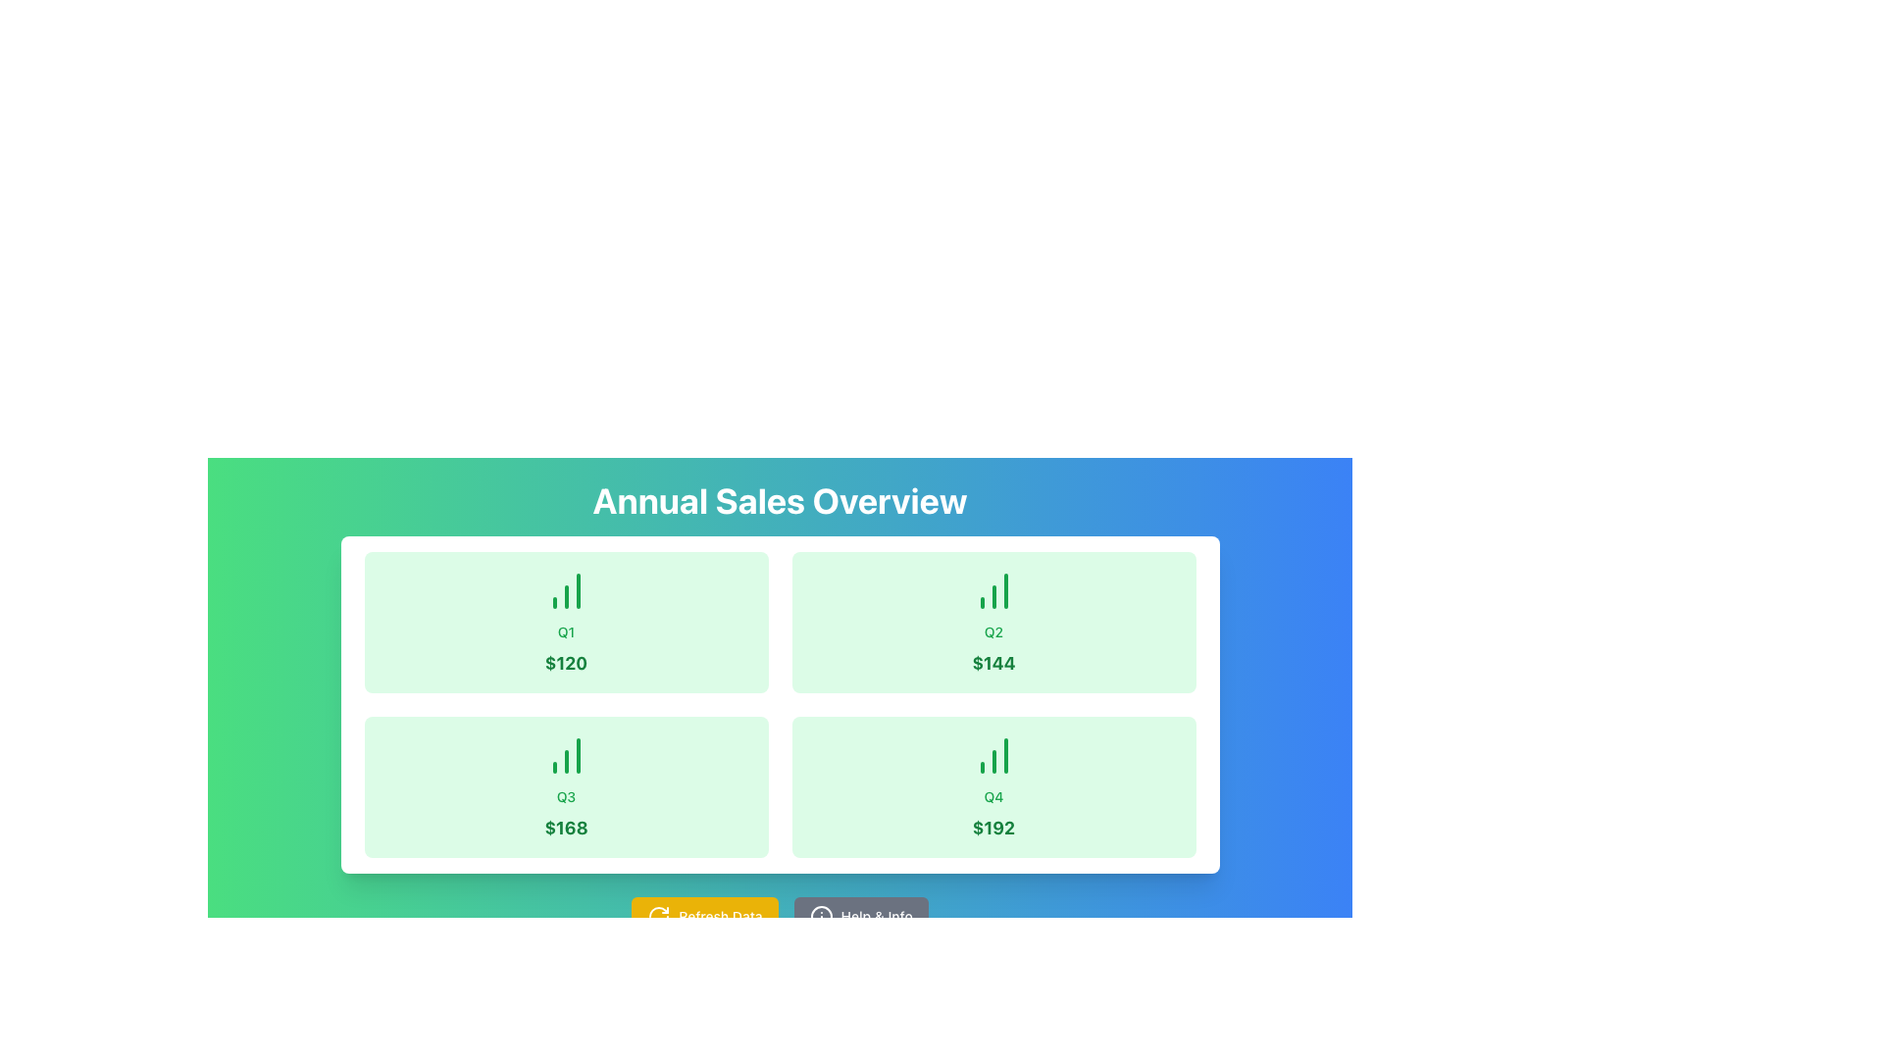 Image resolution: width=1883 pixels, height=1059 pixels. I want to click on the static text element labeling the fourth quarter (Q4) located in the bottom-right card of the grid layout, so click(993, 797).